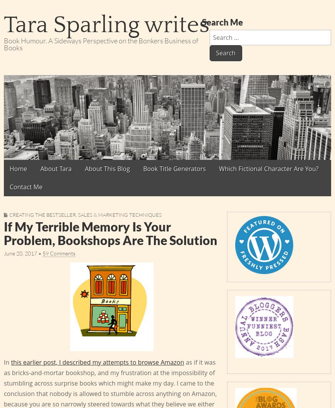 The height and width of the screenshot is (408, 335). I want to click on 'Book Title Generators', so click(174, 168).